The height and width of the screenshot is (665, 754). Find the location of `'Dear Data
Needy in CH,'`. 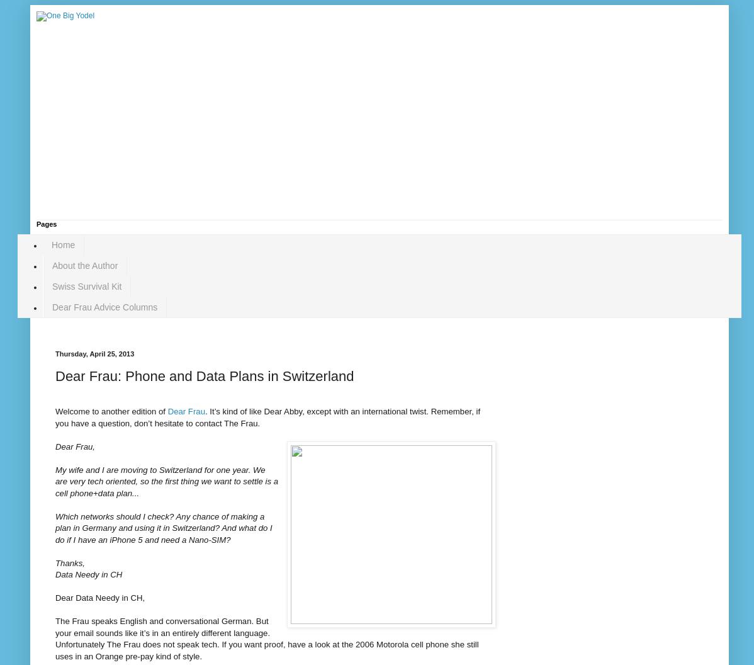

'Dear Data
Needy in CH,' is located at coordinates (99, 598).